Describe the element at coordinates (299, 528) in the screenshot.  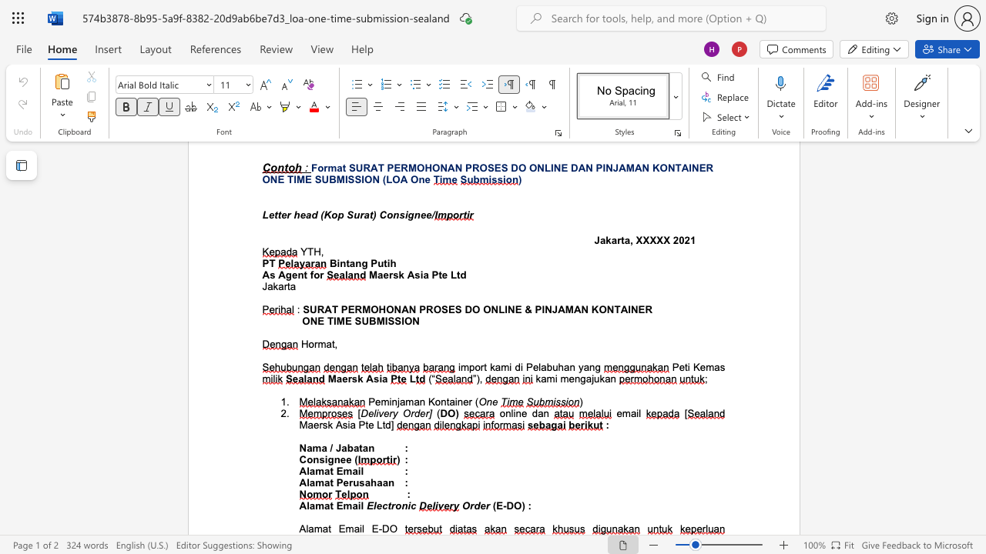
I see `the subset text "Alamat E" within the text "Alamat Email E-DO"` at that location.